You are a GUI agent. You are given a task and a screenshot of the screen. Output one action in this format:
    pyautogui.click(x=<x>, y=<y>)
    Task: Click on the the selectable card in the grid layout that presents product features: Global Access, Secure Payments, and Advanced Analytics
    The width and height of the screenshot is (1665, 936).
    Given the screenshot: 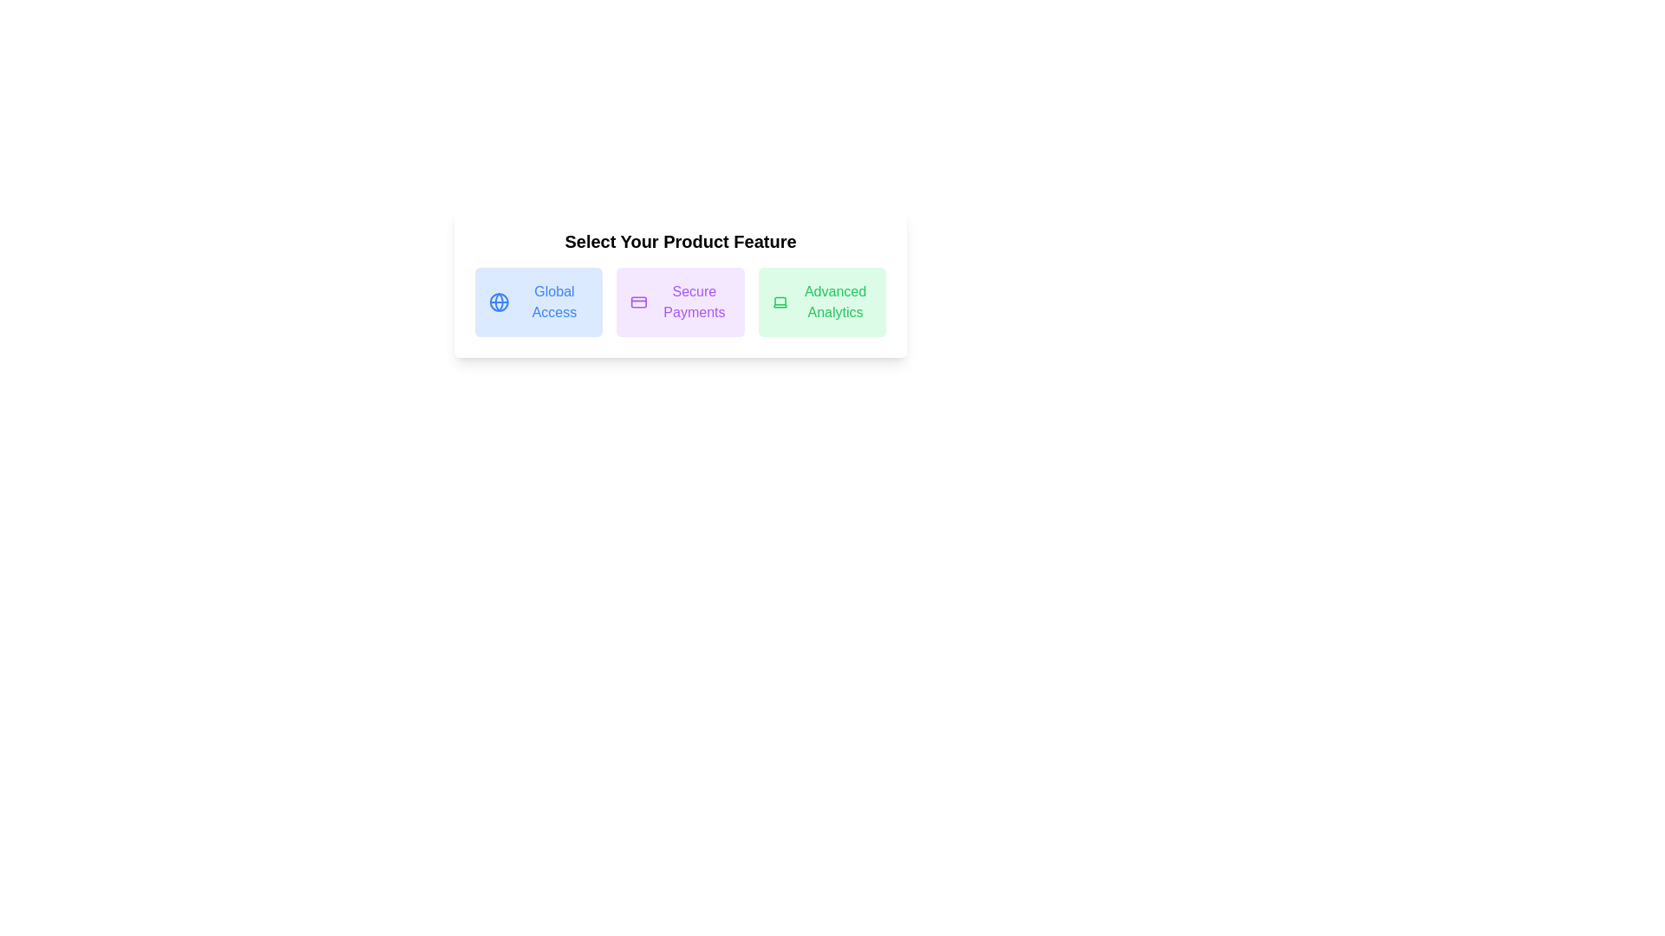 What is the action you would take?
    pyautogui.click(x=680, y=301)
    